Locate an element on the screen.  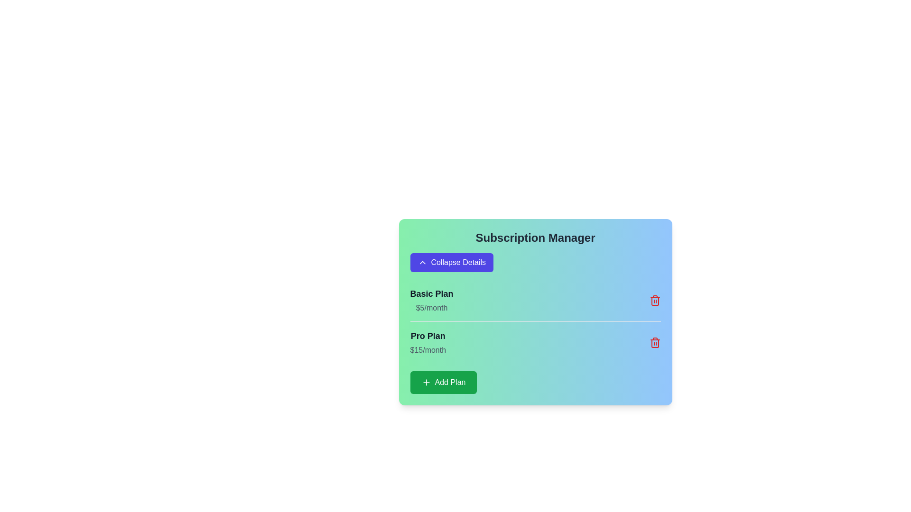
the text label displaying the monthly subscription price for the Basic Plan, which shows '$5/month' located below 'Basic Plan' in the subscription management interface is located at coordinates (431, 308).